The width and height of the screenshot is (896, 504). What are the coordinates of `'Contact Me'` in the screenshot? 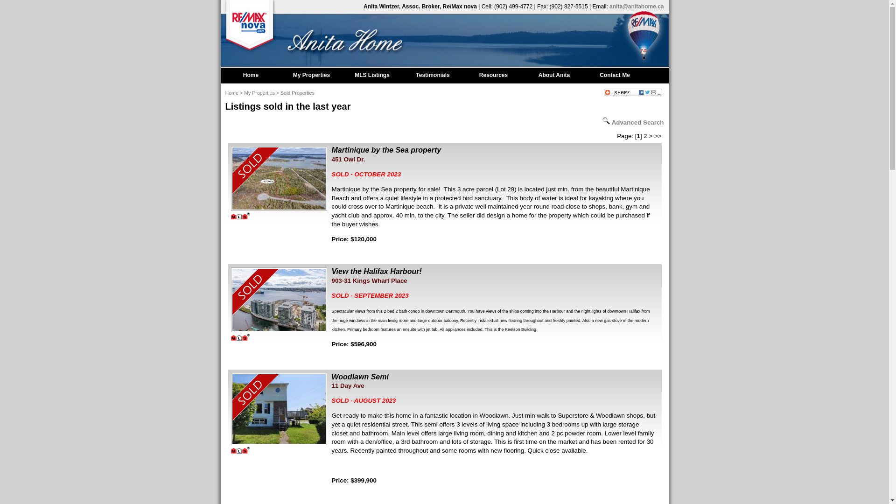 It's located at (614, 75).